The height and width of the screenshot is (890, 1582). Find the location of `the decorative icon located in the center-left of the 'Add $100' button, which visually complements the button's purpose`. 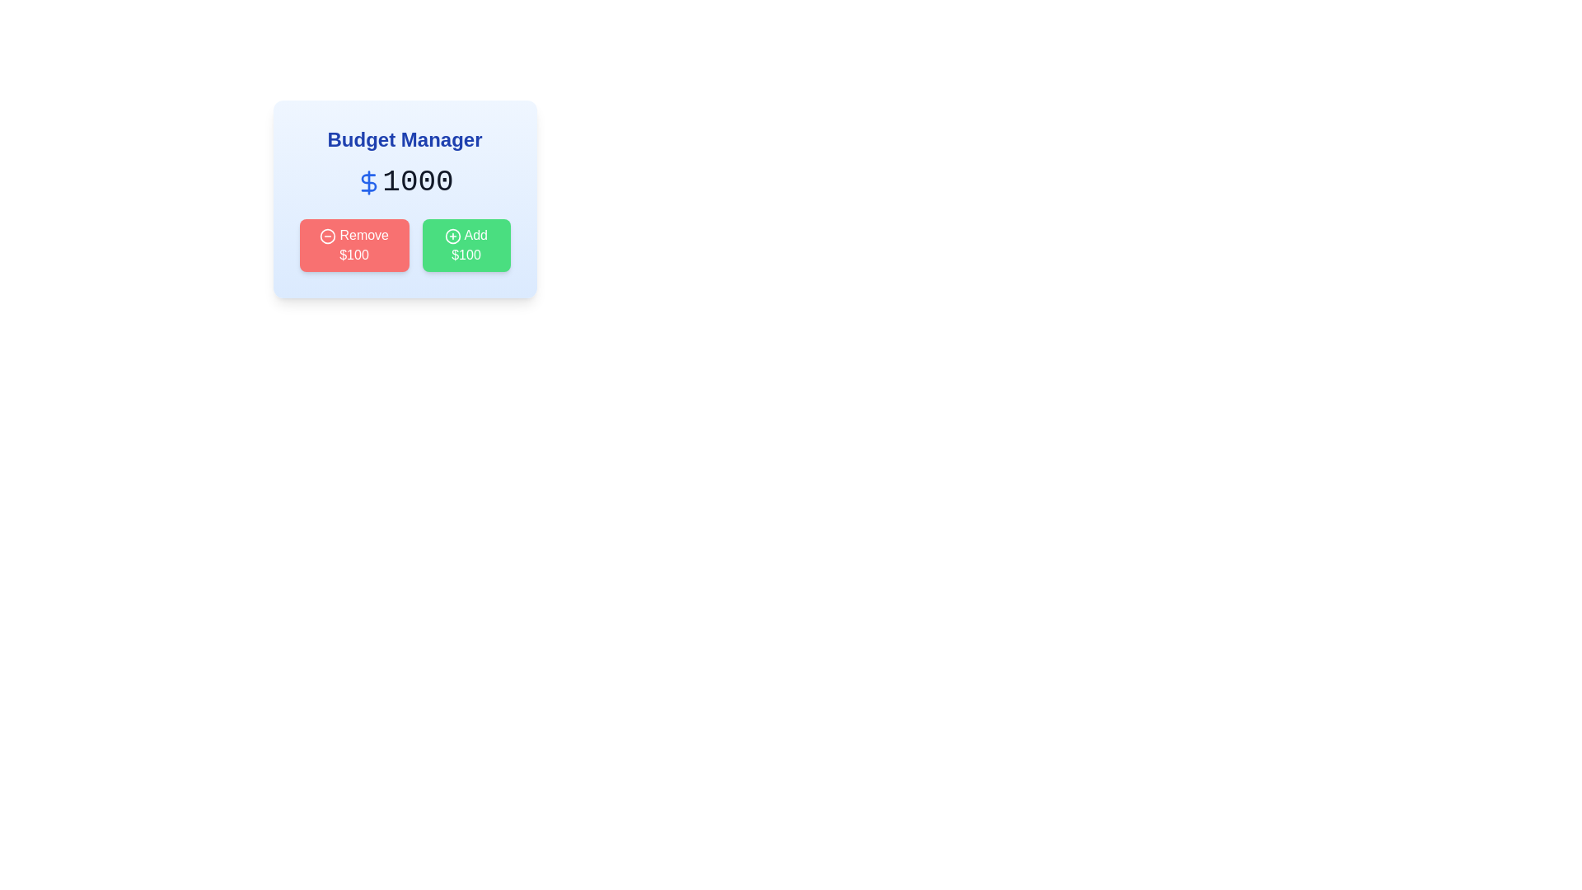

the decorative icon located in the center-left of the 'Add $100' button, which visually complements the button's purpose is located at coordinates (452, 236).